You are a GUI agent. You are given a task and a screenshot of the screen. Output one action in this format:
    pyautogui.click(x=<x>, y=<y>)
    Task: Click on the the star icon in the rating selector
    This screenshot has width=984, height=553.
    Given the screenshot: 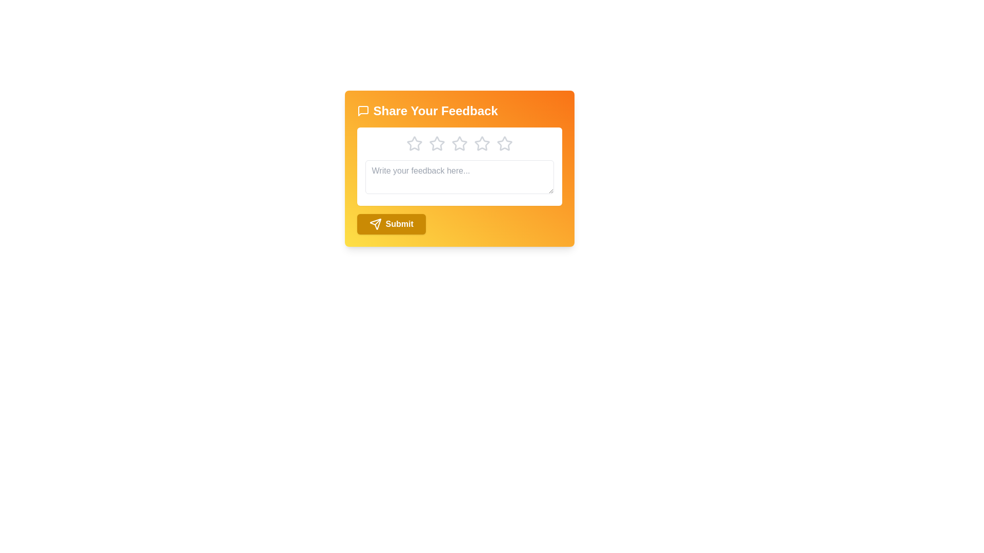 What is the action you would take?
    pyautogui.click(x=459, y=144)
    